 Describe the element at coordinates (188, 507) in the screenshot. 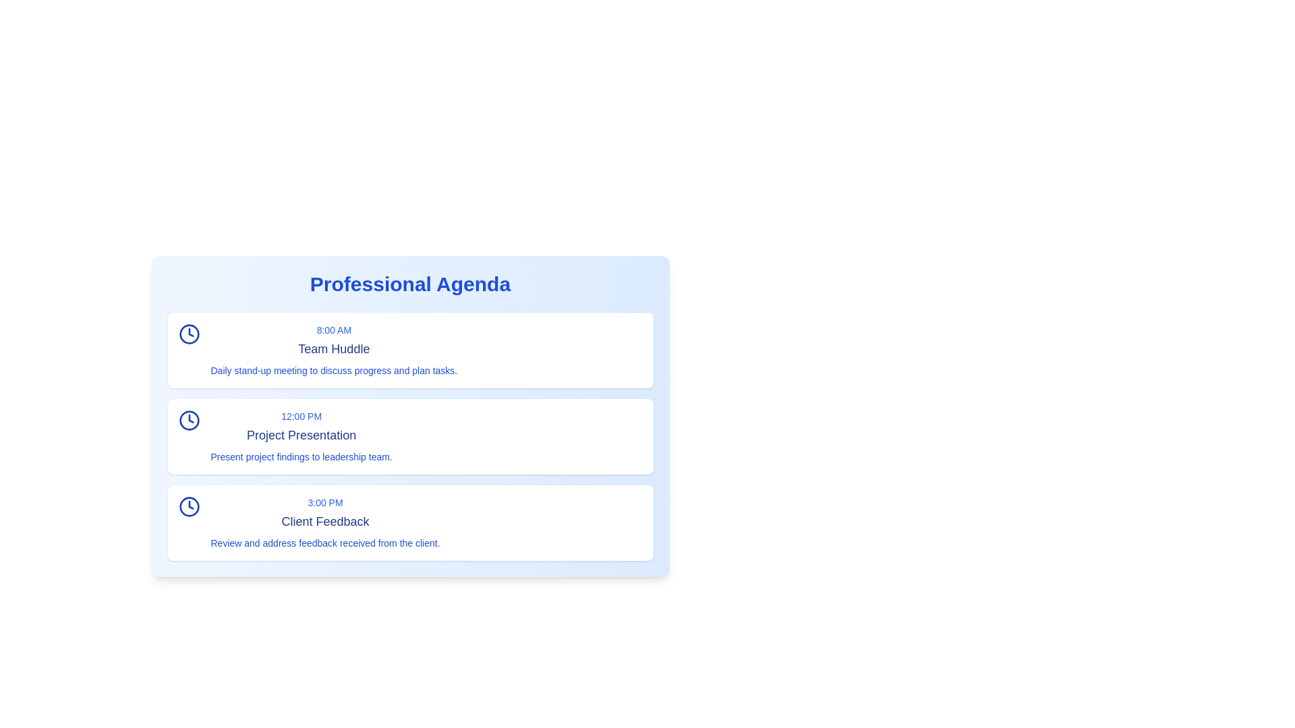

I see `the blue circular outline symbol within the clock icon, located at the center of the clock, positioned to the left of the '3:00 PM Client Feedback' event` at that location.